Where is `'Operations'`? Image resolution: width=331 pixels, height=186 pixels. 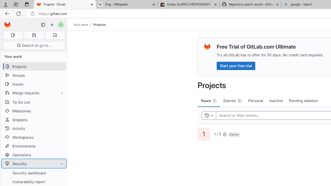
'Operations' is located at coordinates (34, 154).